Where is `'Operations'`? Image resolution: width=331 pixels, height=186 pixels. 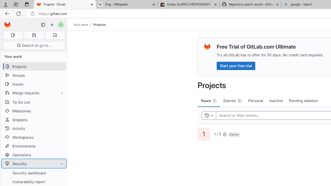
'Operations' is located at coordinates (34, 154).